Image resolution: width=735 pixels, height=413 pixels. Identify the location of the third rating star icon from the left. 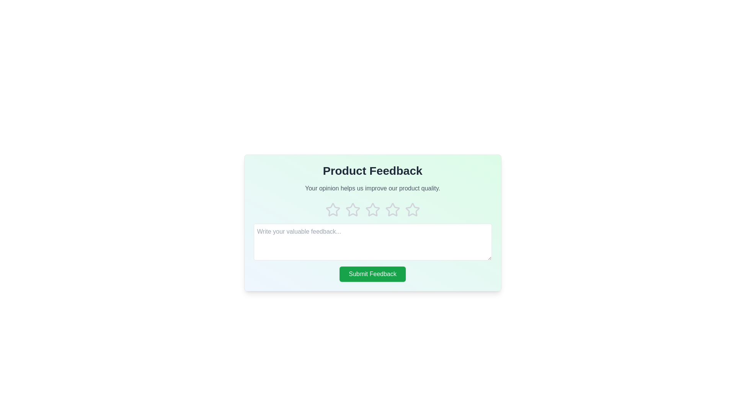
(372, 210).